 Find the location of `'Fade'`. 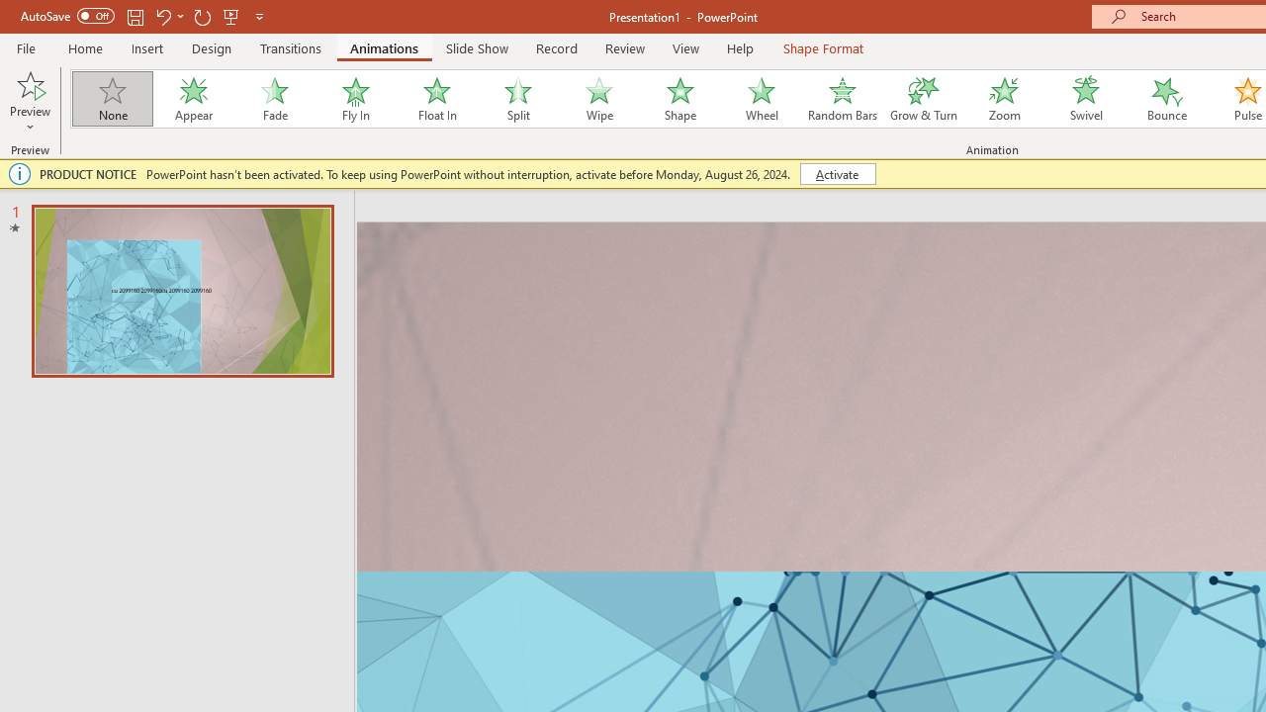

'Fade' is located at coordinates (273, 99).